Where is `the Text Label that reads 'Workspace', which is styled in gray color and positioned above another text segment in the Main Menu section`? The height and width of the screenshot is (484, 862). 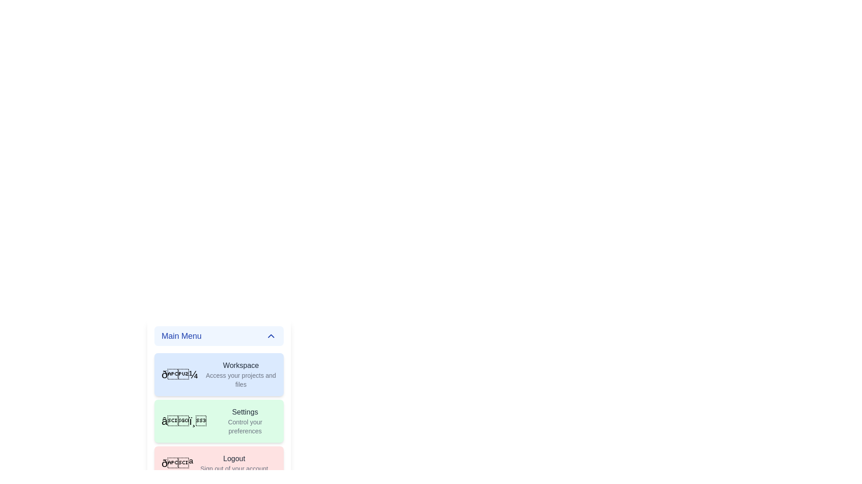 the Text Label that reads 'Workspace', which is styled in gray color and positioned above another text segment in the Main Menu section is located at coordinates (241, 366).